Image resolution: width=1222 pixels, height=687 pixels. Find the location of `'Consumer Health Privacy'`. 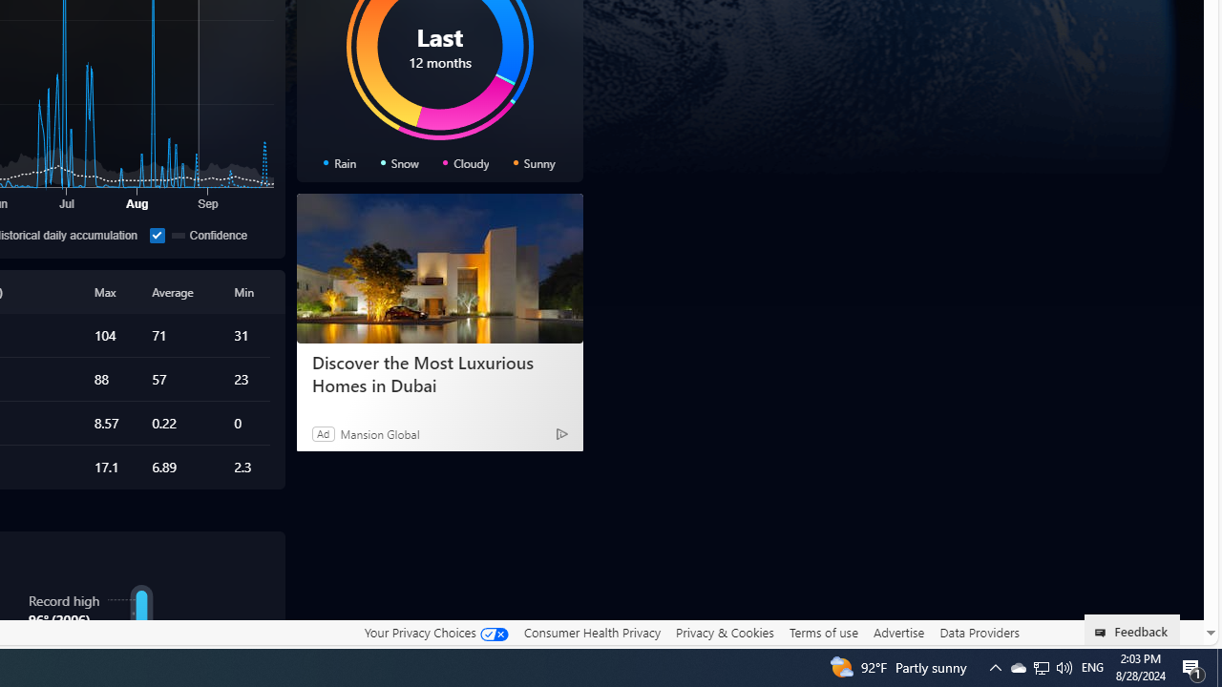

'Consumer Health Privacy' is located at coordinates (591, 632).